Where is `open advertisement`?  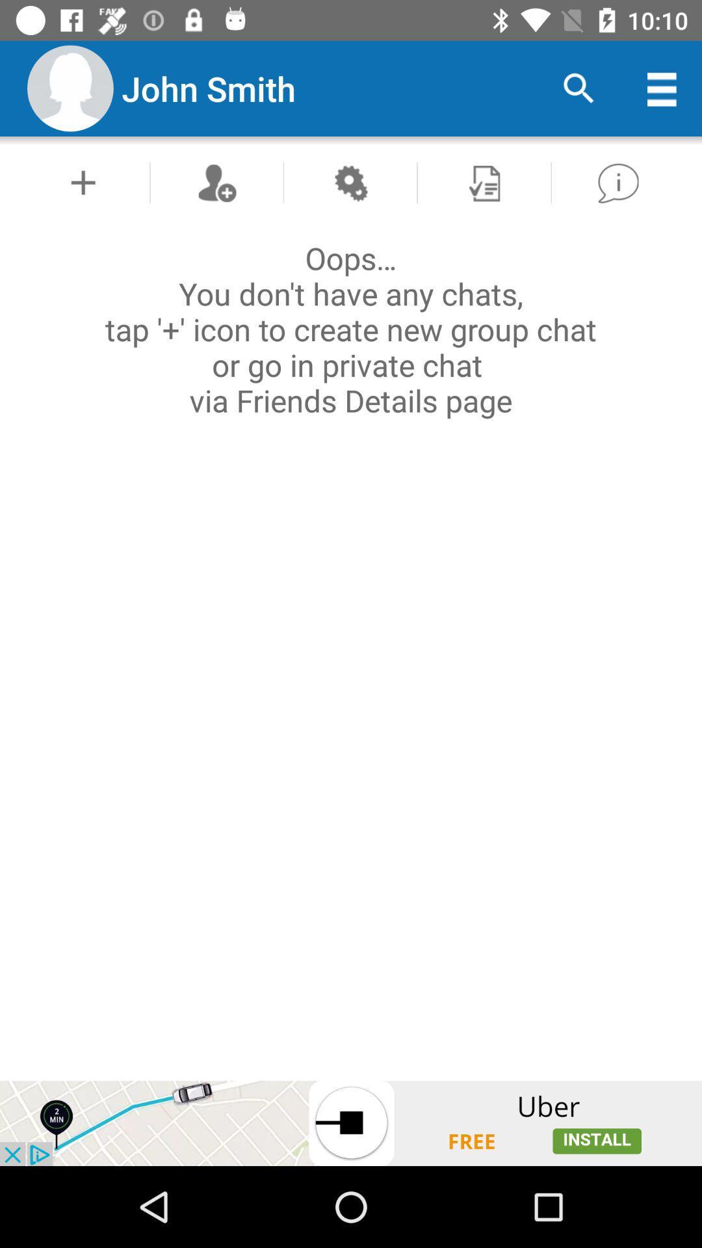 open advertisement is located at coordinates (351, 1123).